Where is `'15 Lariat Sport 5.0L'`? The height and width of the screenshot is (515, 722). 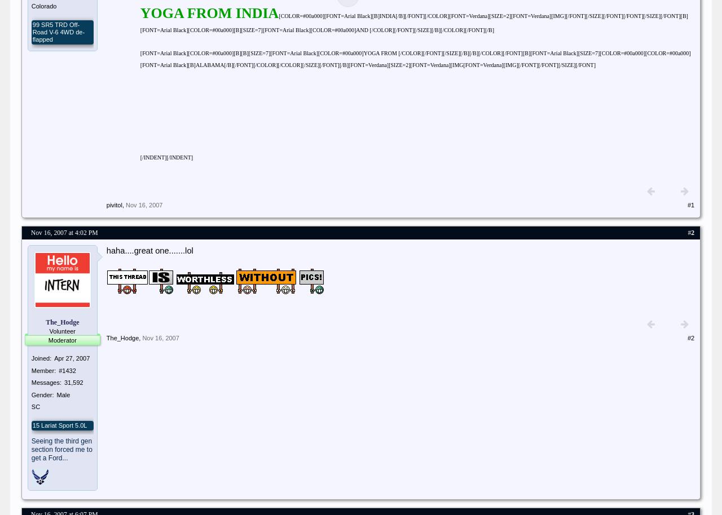
'15 Lariat Sport 5.0L' is located at coordinates (59, 424).